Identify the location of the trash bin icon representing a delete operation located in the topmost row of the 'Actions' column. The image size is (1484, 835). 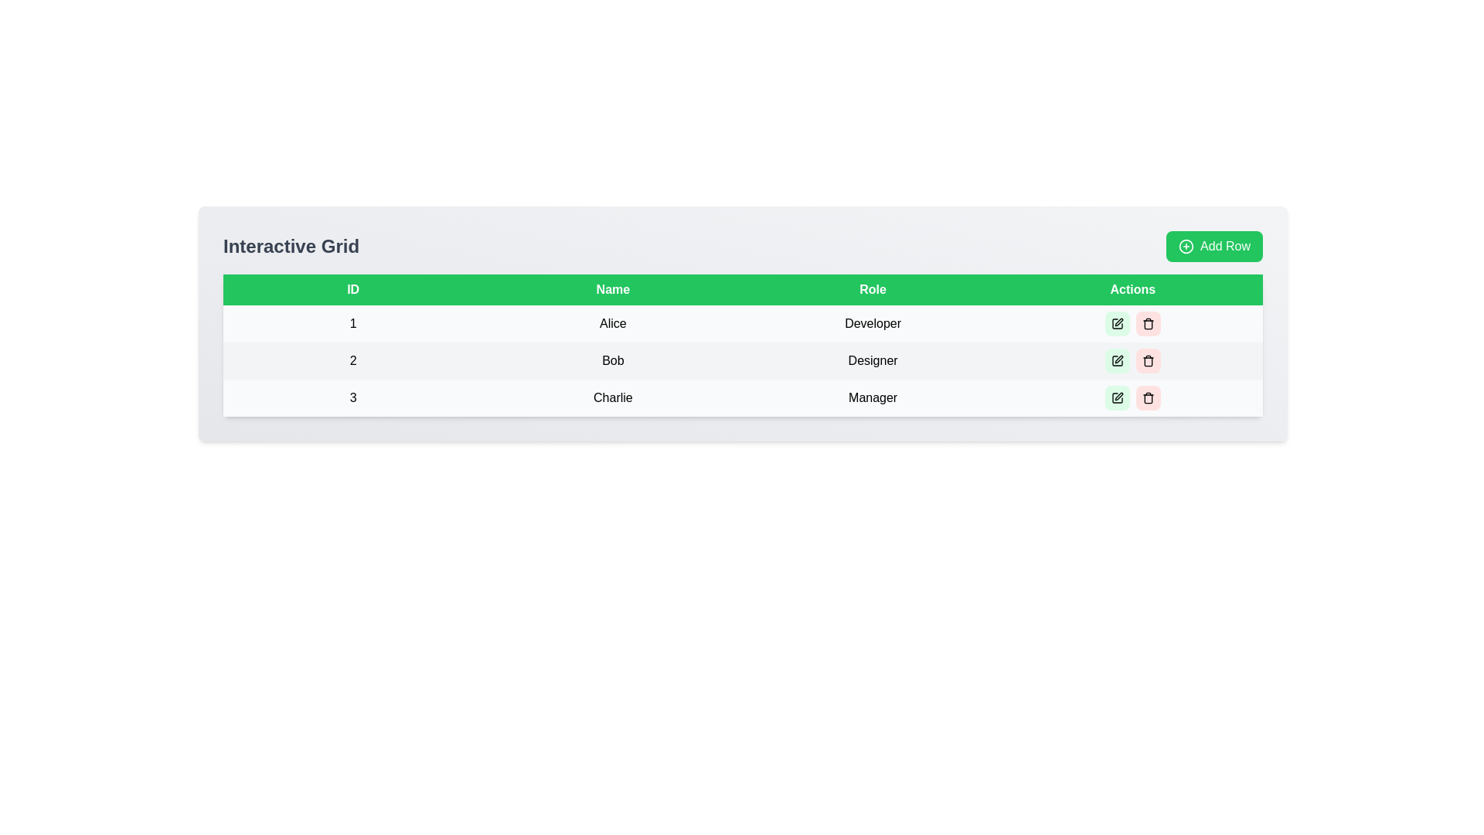
(1148, 323).